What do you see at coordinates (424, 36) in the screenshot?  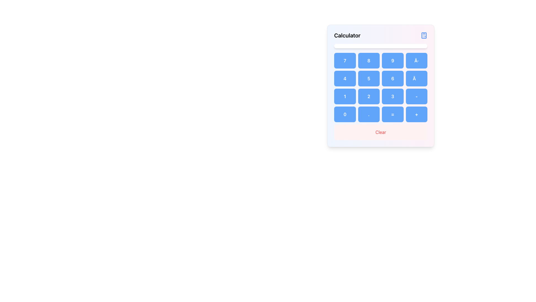 I see `the blue calculator icon located in the top right corner of the calculator interface header` at bounding box center [424, 36].